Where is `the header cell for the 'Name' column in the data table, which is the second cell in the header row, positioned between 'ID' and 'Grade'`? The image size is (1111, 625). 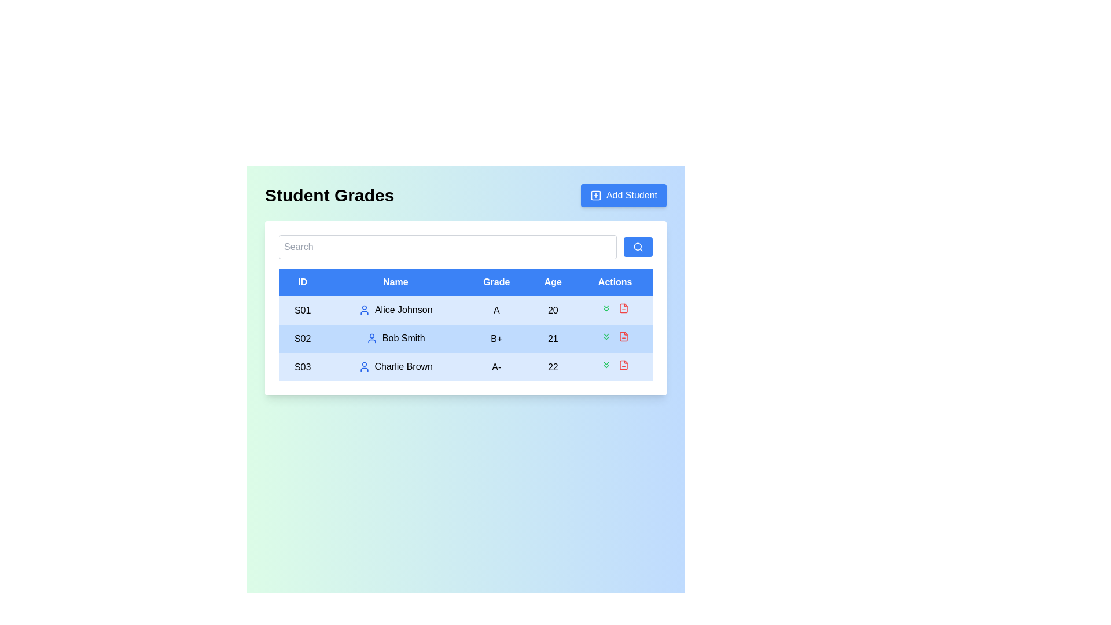 the header cell for the 'Name' column in the data table, which is the second cell in the header row, positioned between 'ID' and 'Grade' is located at coordinates (395, 282).